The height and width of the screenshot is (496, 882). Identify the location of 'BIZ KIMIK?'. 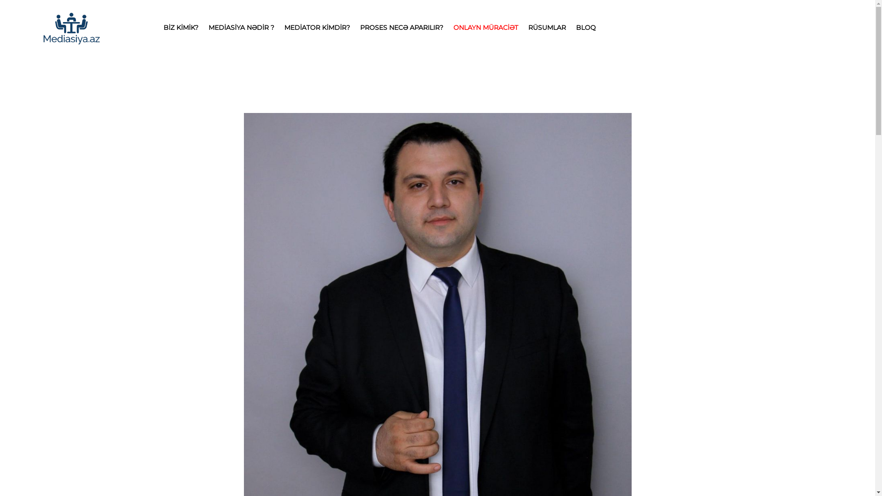
(181, 27).